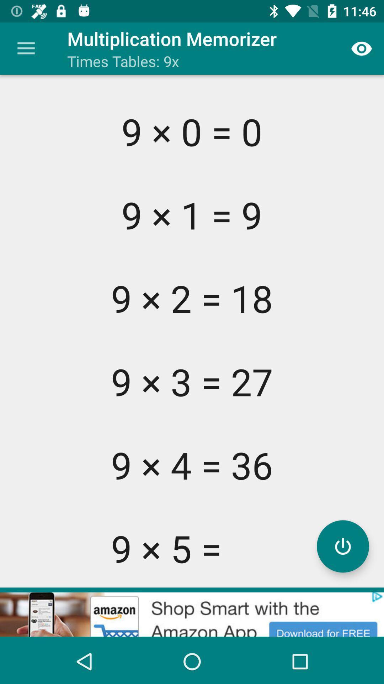 Image resolution: width=384 pixels, height=684 pixels. Describe the element at coordinates (342, 546) in the screenshot. I see `power button` at that location.